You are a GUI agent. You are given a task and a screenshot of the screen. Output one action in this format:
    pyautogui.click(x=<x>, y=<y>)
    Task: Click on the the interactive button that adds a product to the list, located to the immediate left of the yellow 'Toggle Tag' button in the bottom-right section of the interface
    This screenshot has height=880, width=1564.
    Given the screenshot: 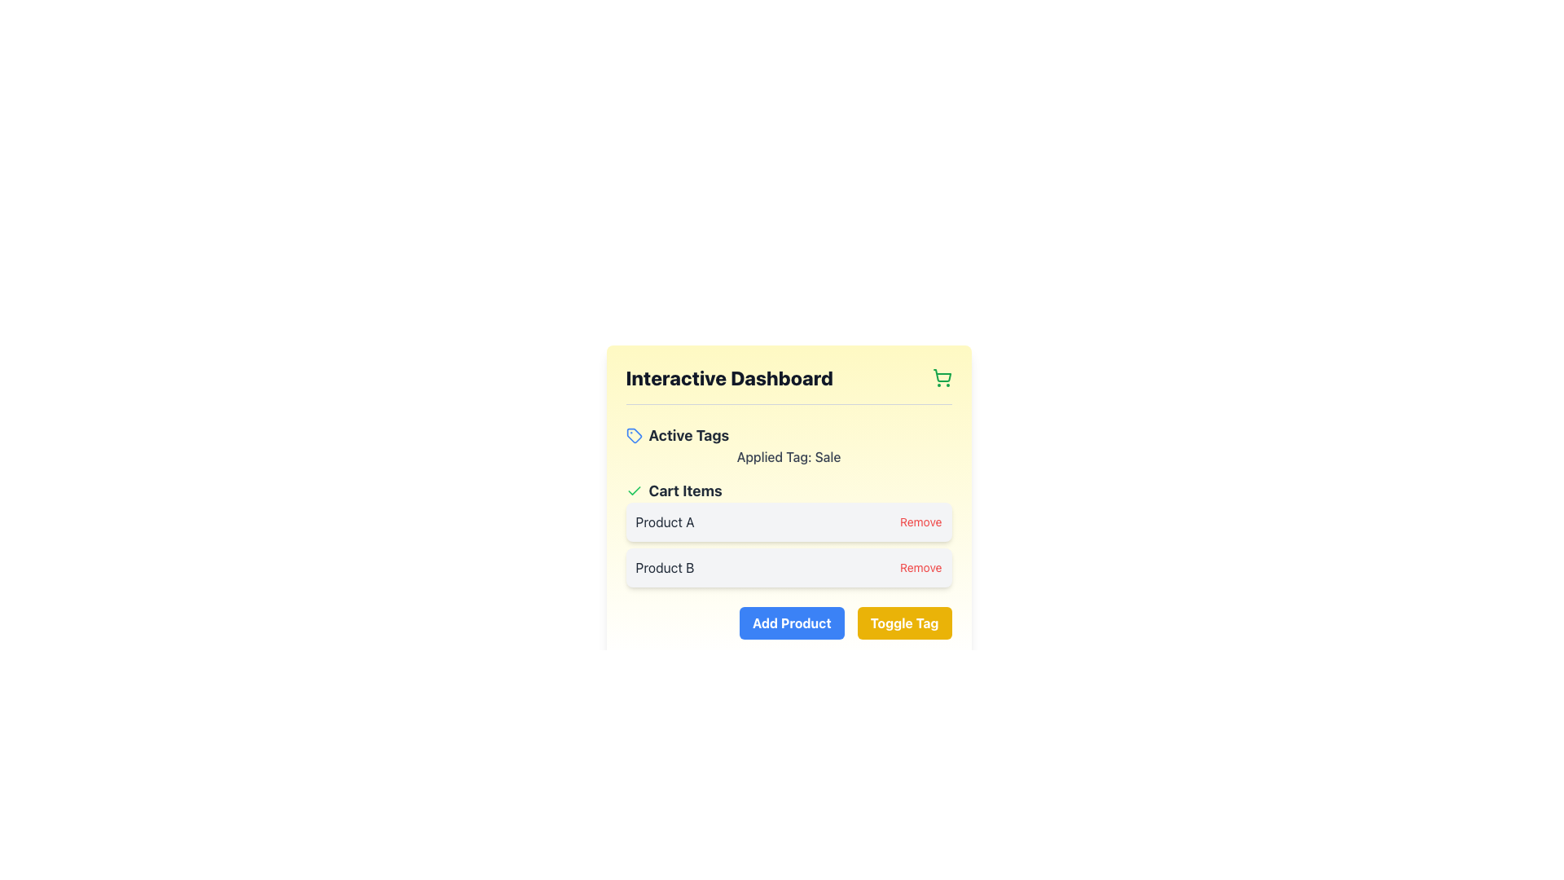 What is the action you would take?
    pyautogui.click(x=792, y=623)
    